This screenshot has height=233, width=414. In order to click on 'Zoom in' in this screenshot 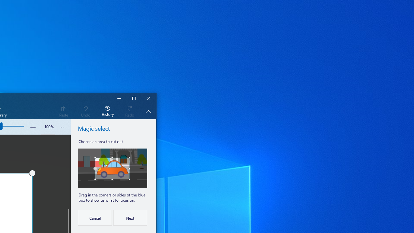, I will do `click(32, 127)`.